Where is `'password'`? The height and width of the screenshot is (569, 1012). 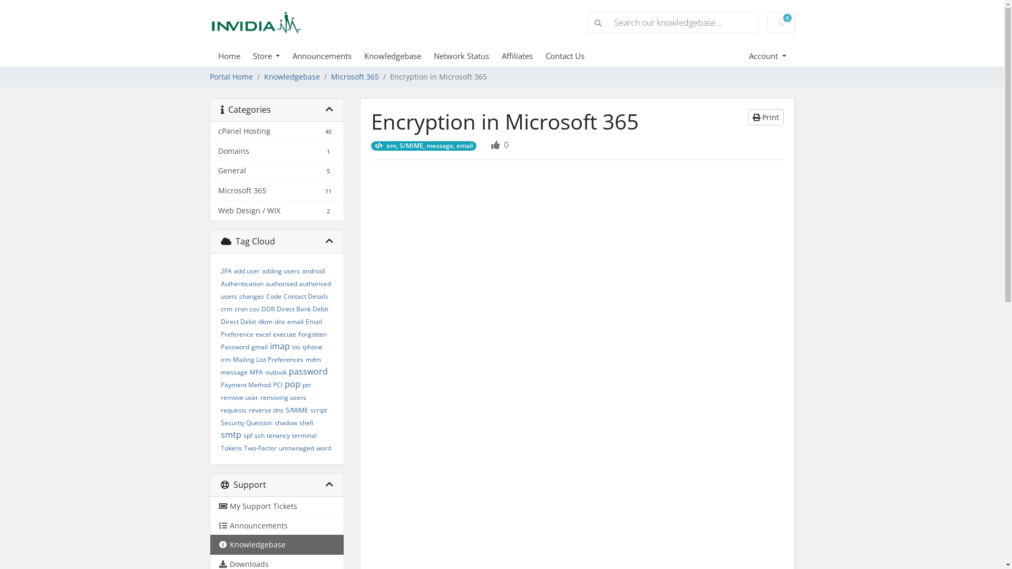 'password' is located at coordinates (308, 371).